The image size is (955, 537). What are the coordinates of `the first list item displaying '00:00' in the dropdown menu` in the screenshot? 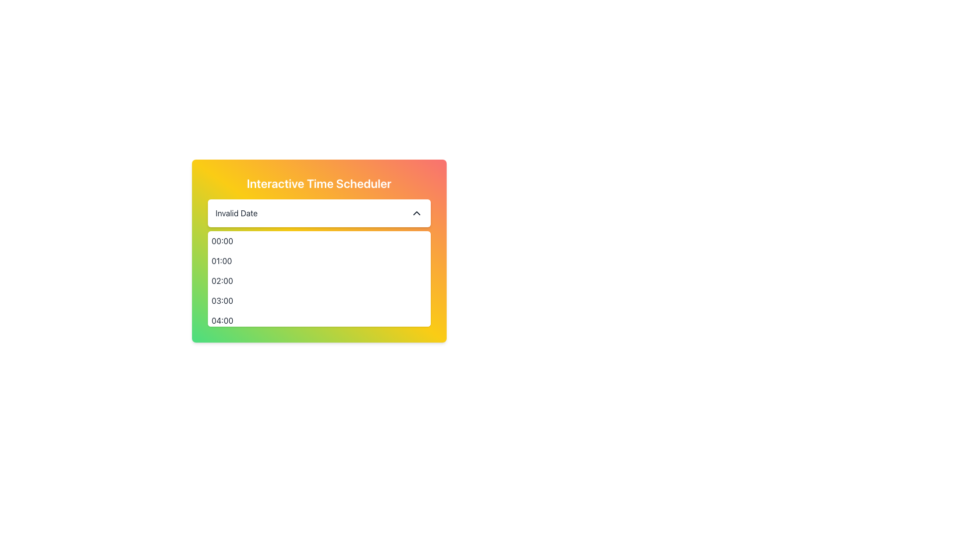 It's located at (319, 241).